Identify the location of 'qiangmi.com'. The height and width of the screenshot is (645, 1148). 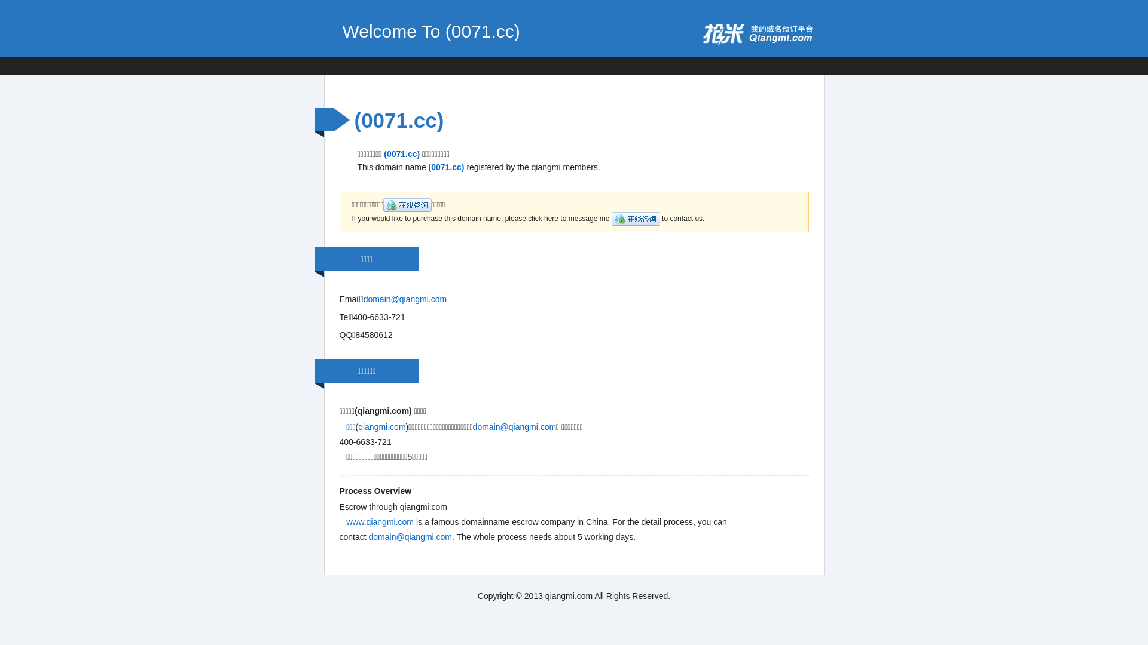
(381, 426).